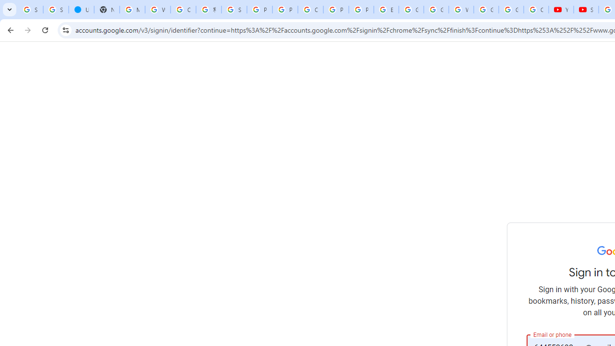 Image resolution: width=615 pixels, height=346 pixels. Describe the element at coordinates (30, 10) in the screenshot. I see `'Sign in - Google Accounts'` at that location.